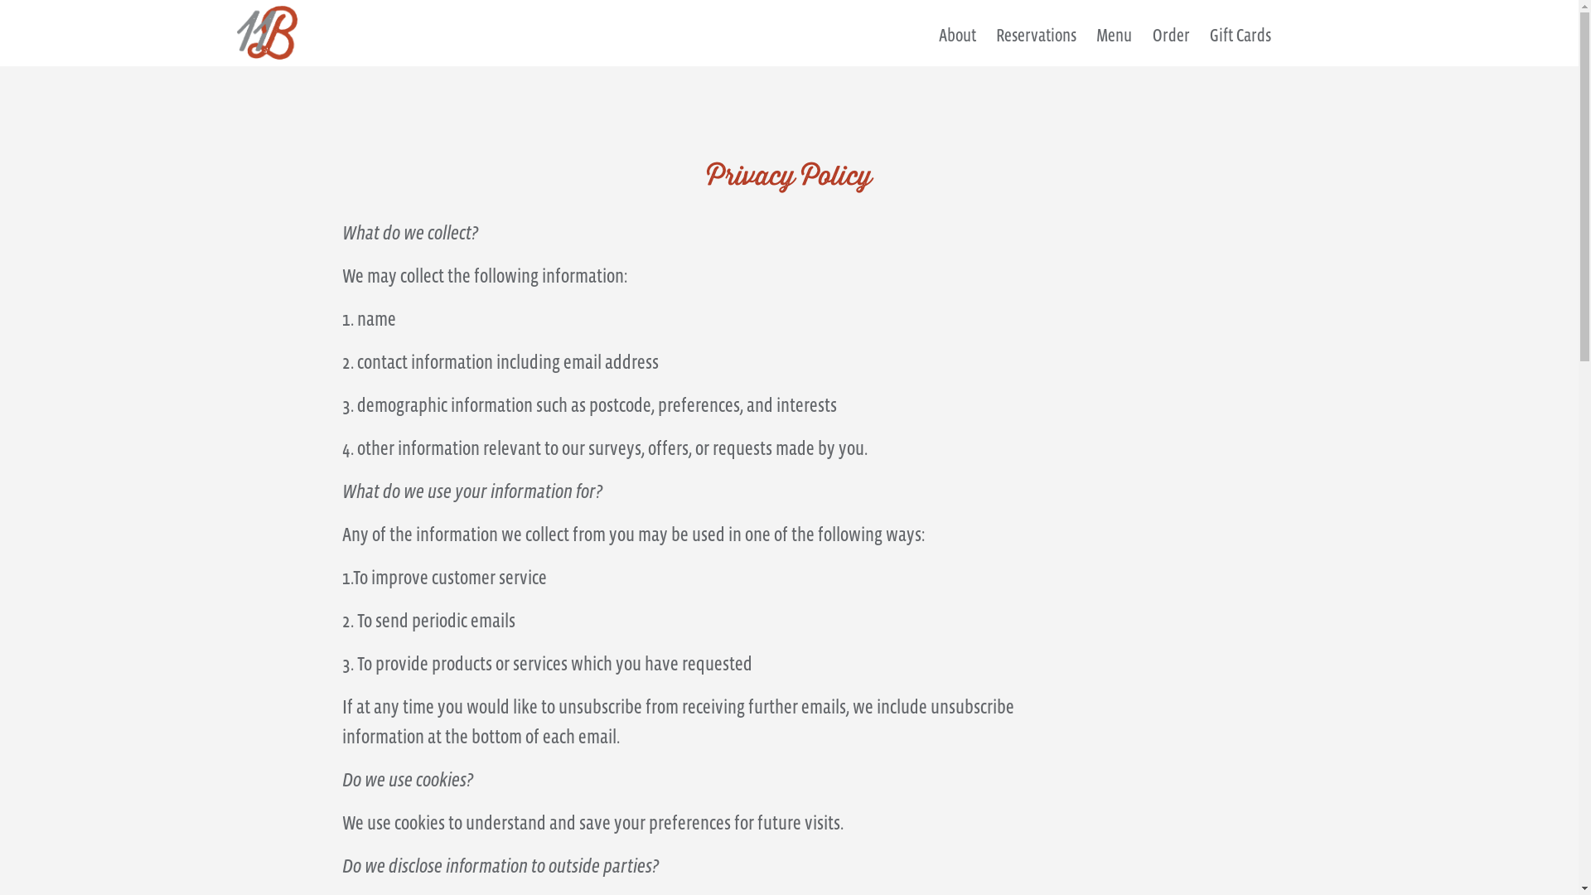  I want to click on 'About', so click(957, 43).